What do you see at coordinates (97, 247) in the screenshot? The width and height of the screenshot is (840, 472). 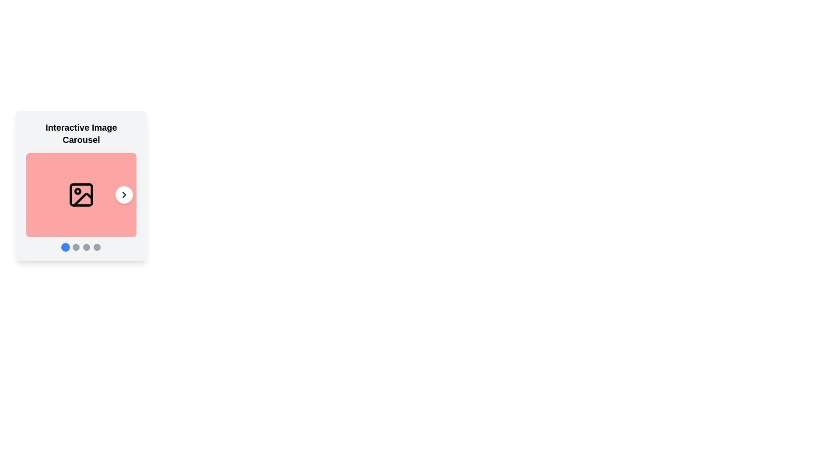 I see `the fourth navigation dot in the carousel` at bounding box center [97, 247].